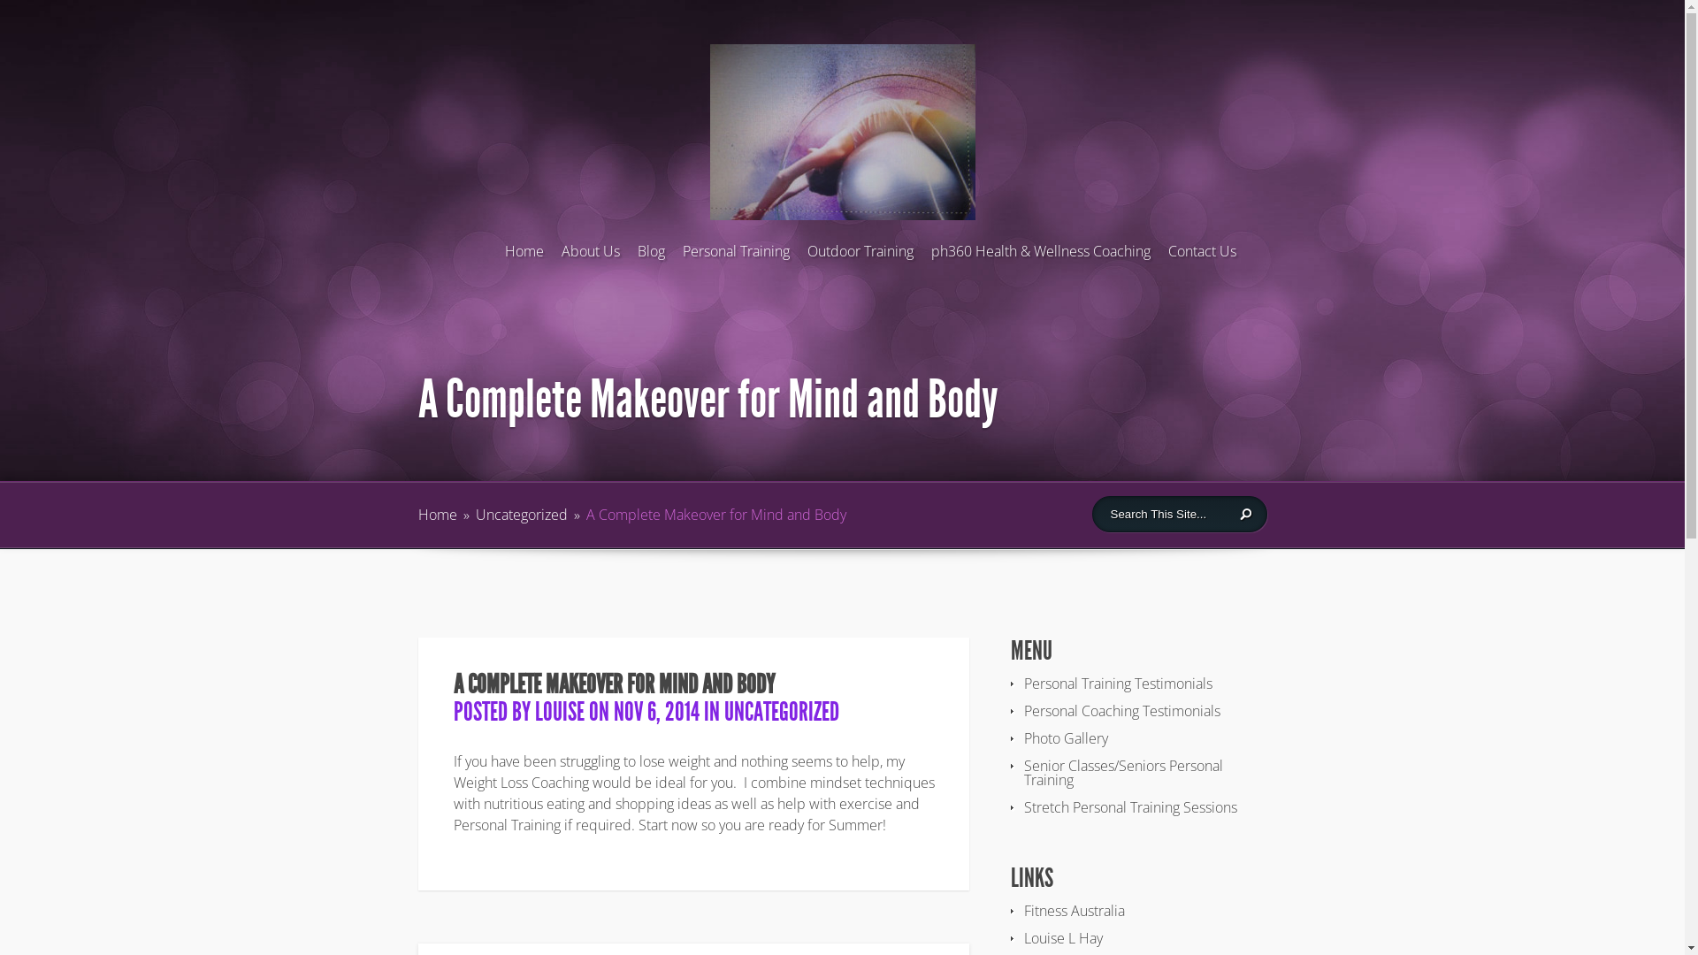 Image resolution: width=1698 pixels, height=955 pixels. Describe the element at coordinates (1040, 256) in the screenshot. I see `'ph360 Health & Wellness Coaching'` at that location.